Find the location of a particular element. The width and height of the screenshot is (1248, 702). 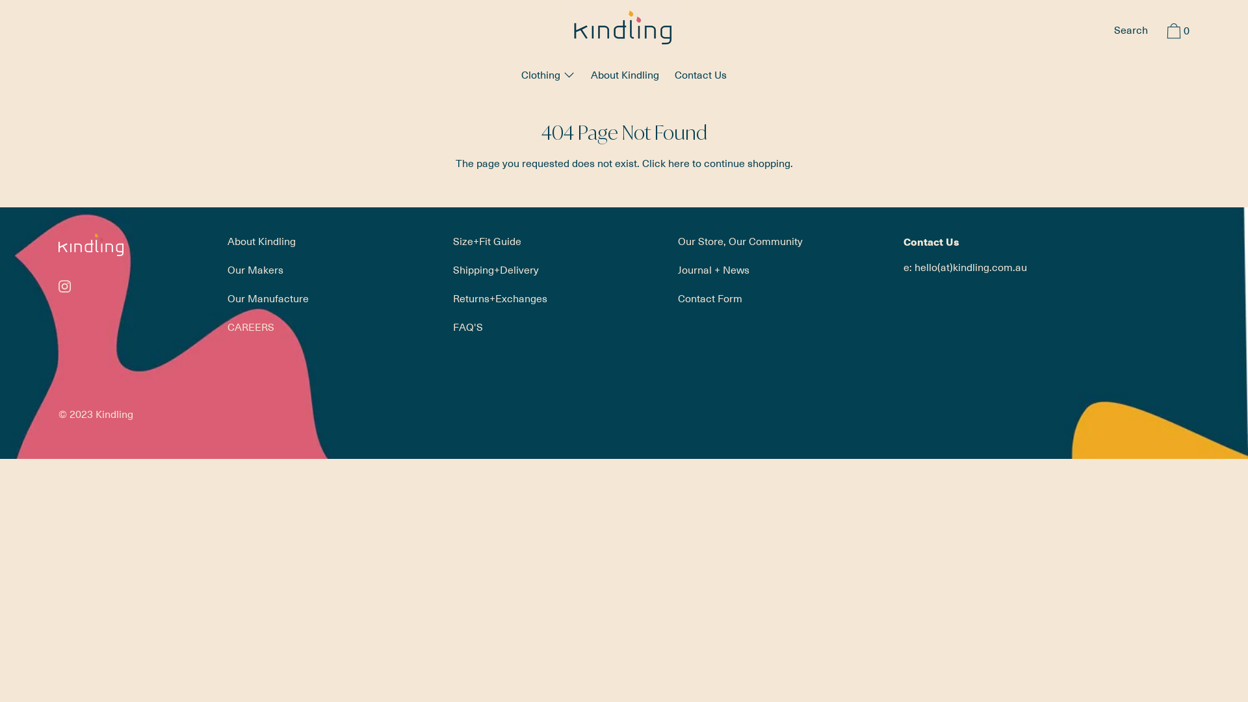

'Instagram' is located at coordinates (64, 285).